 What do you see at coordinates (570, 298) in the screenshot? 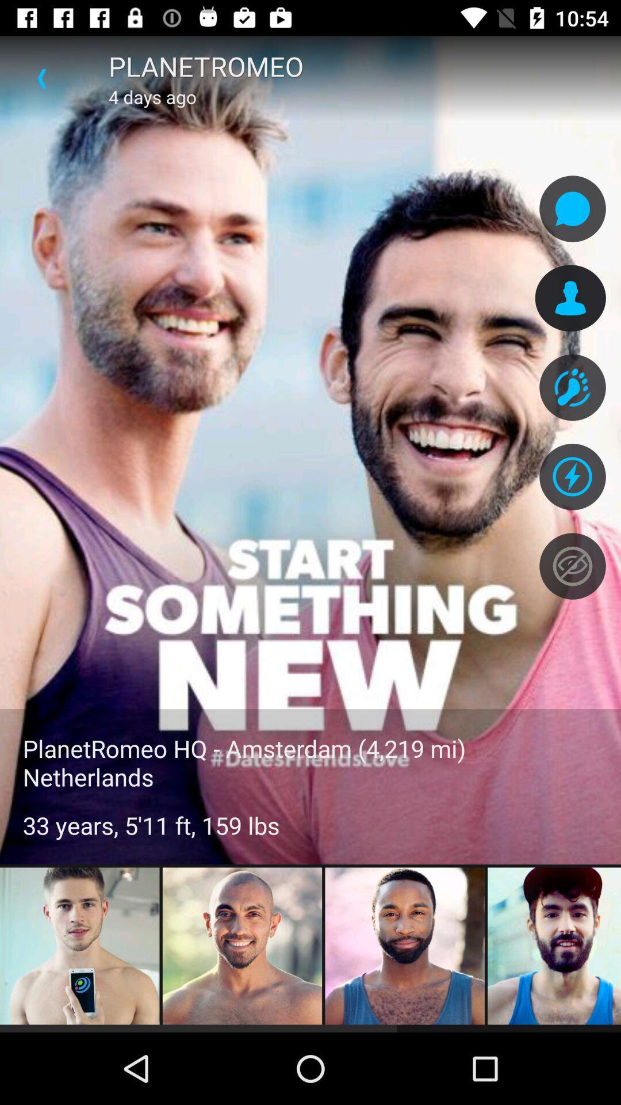
I see `the avatar icon` at bounding box center [570, 298].